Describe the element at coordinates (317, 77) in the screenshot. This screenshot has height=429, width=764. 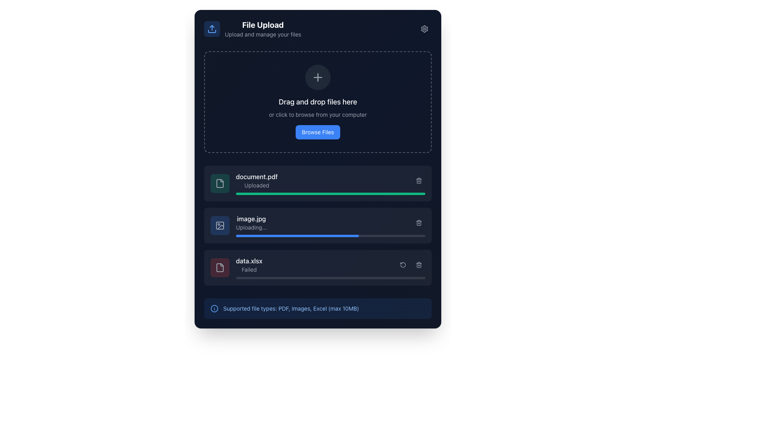
I see `the decorative icon located centrally within the drag-and-drop area, which prompts users to drop files into the designated area` at that location.